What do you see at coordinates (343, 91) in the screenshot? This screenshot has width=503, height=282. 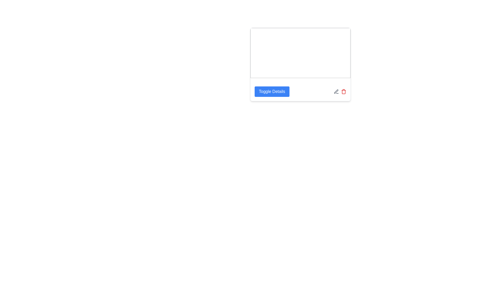 I see `the red trash bin icon button located at the bottom-right corner of the interface` at bounding box center [343, 91].